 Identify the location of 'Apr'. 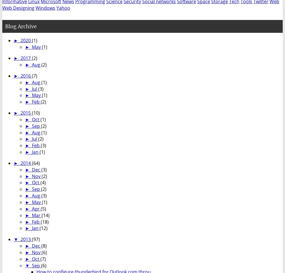
(31, 208).